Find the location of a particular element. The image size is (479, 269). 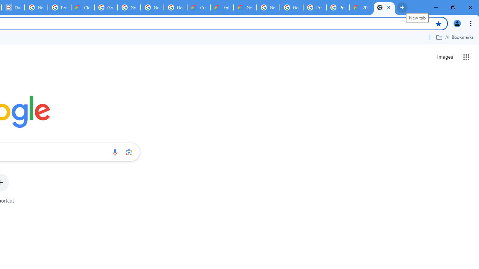

'Gemini for Business and Developers | Google Cloud' is located at coordinates (245, 7).